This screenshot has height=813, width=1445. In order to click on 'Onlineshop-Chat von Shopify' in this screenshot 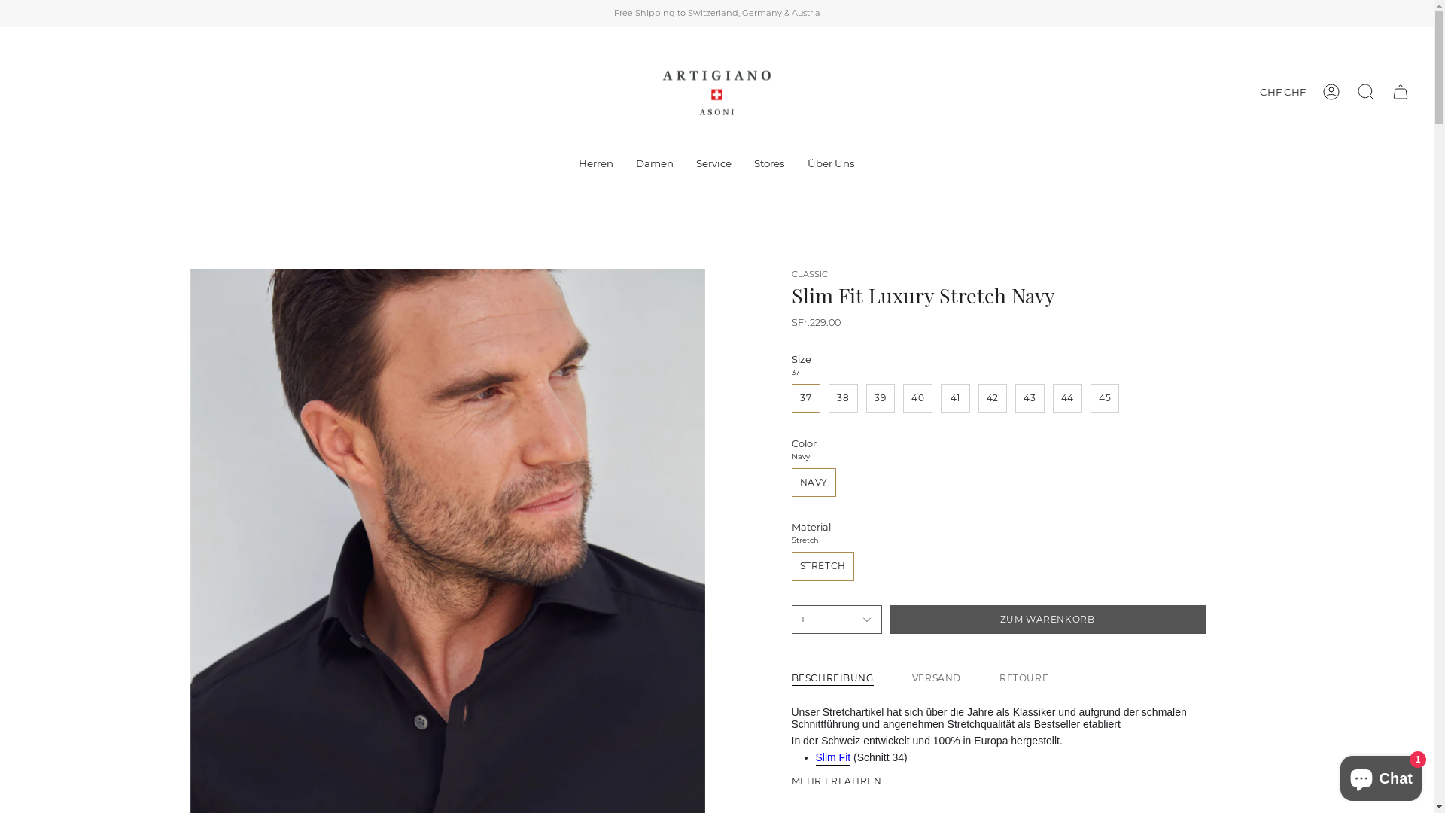, I will do `click(1380, 775)`.